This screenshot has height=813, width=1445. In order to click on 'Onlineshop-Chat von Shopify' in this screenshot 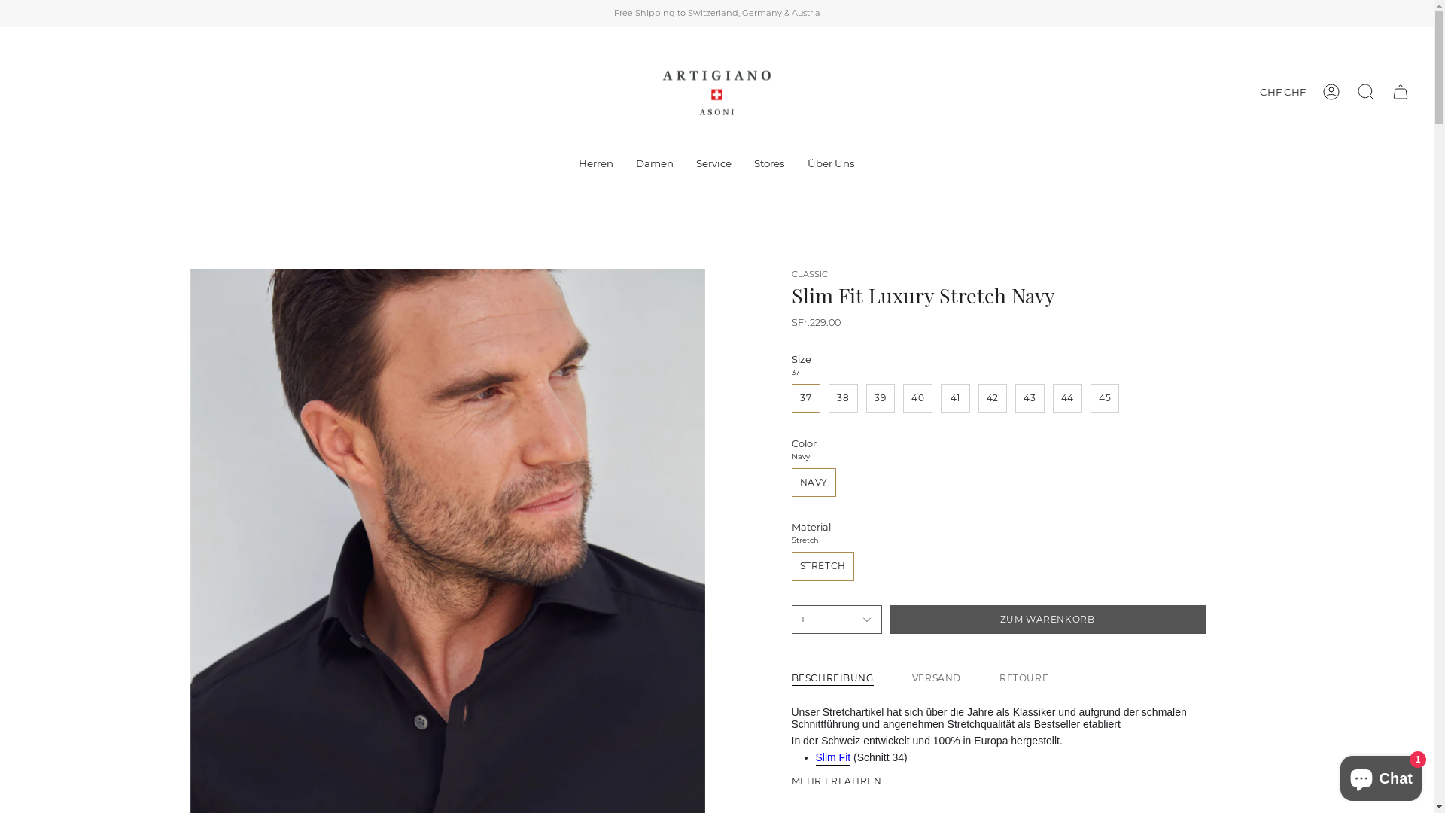, I will do `click(1380, 775)`.